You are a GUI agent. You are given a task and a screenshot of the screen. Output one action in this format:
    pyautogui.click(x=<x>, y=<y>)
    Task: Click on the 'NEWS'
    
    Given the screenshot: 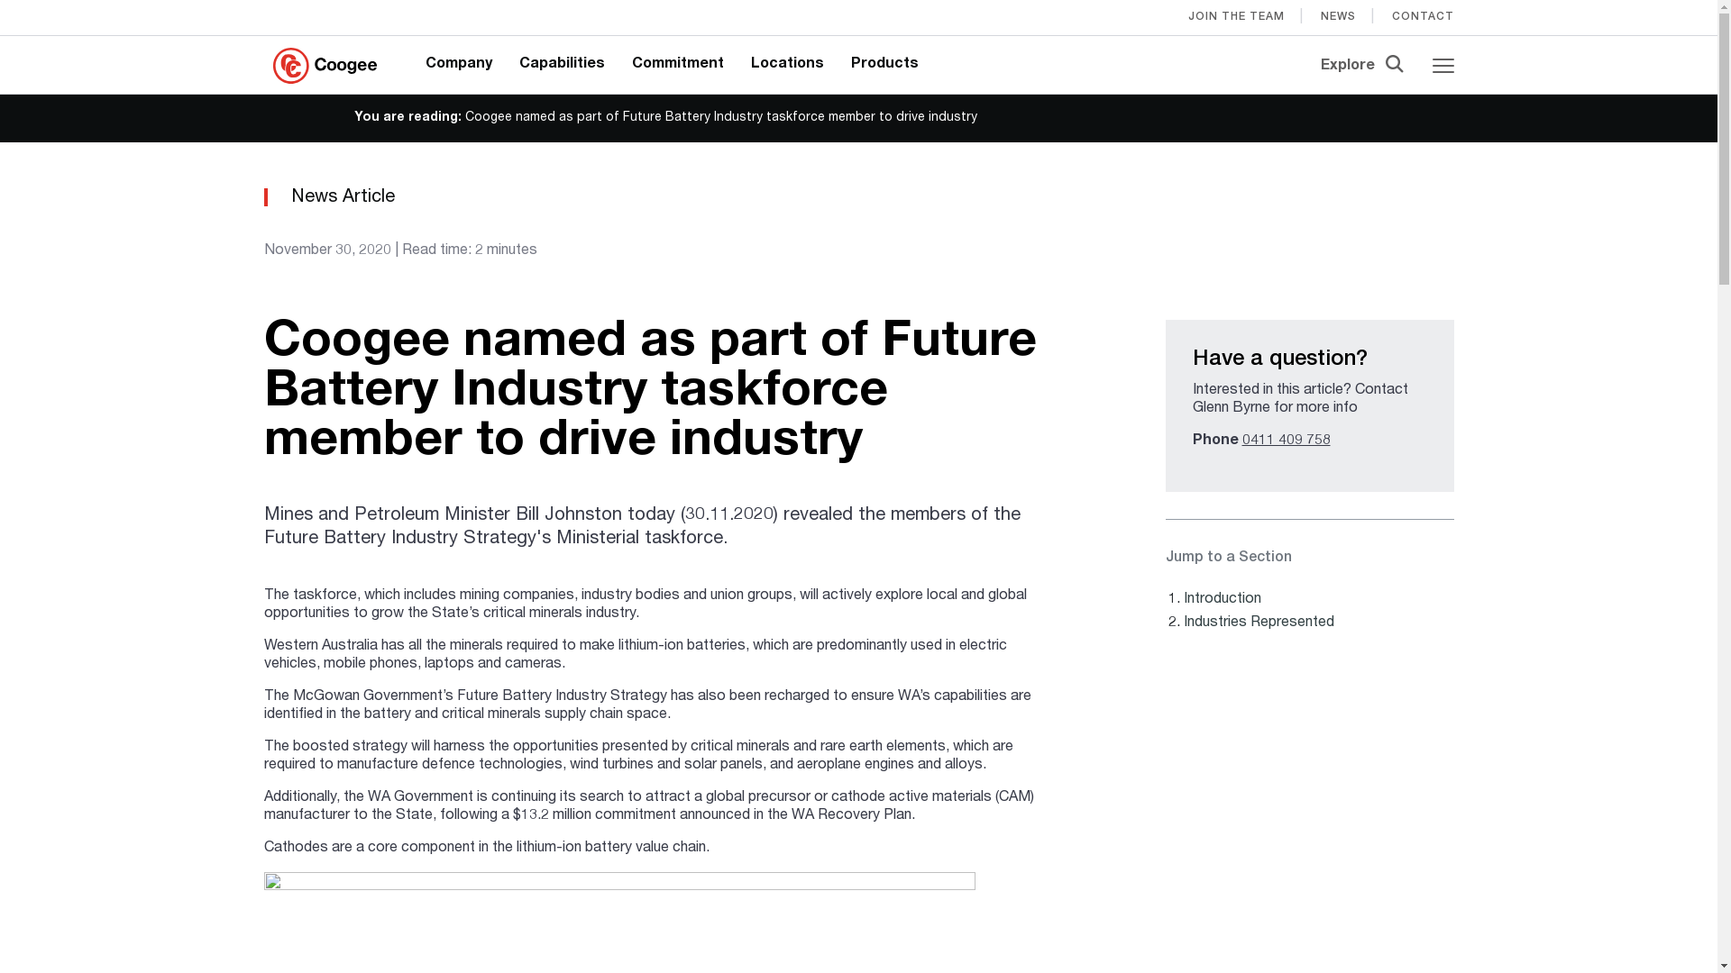 What is the action you would take?
    pyautogui.click(x=1337, y=17)
    